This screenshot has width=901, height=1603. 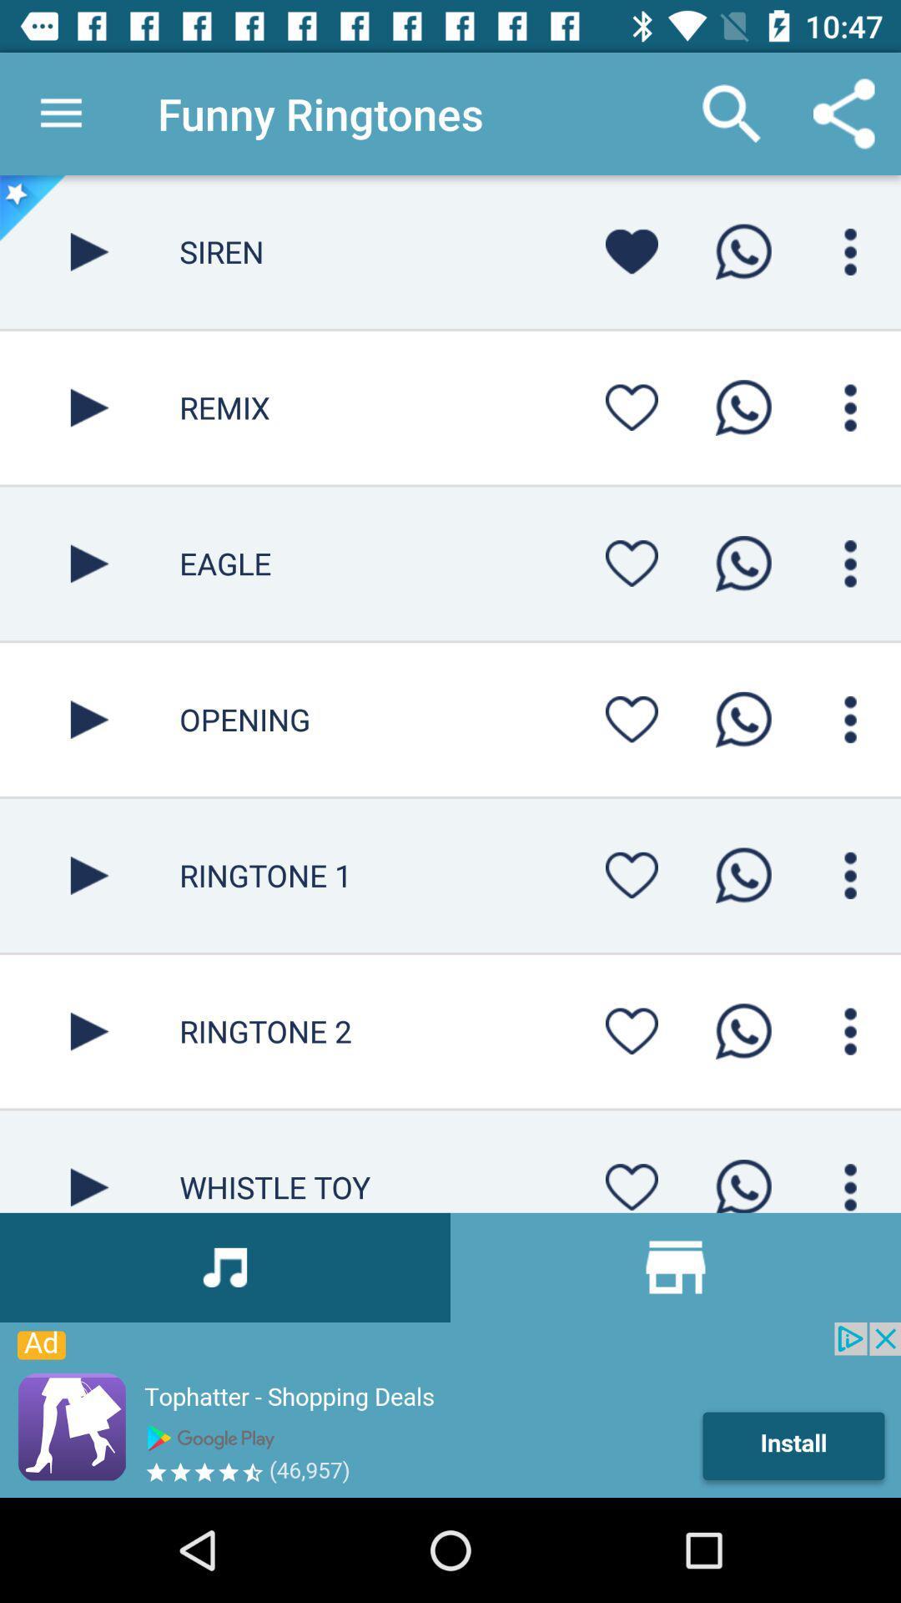 I want to click on switch to play tone, so click(x=89, y=874).